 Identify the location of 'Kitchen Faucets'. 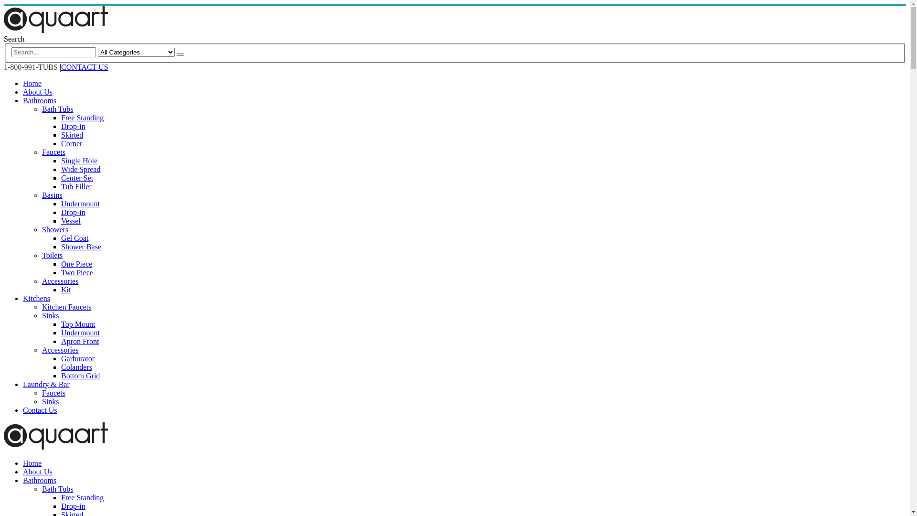
(66, 307).